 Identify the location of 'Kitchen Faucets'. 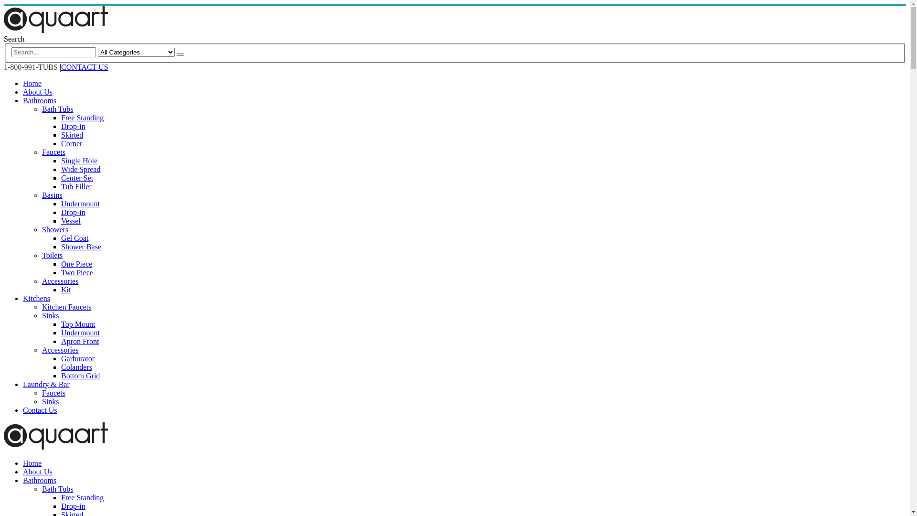
(66, 307).